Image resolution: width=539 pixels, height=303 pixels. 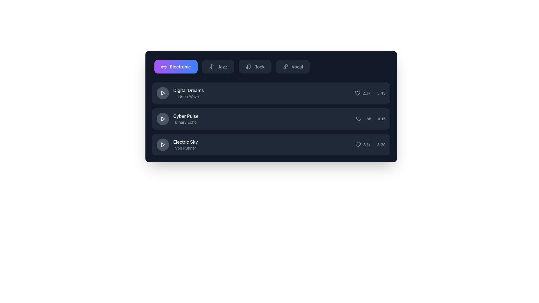 What do you see at coordinates (162, 144) in the screenshot?
I see `the play button located to the left of the song title 'Electric Sky'` at bounding box center [162, 144].